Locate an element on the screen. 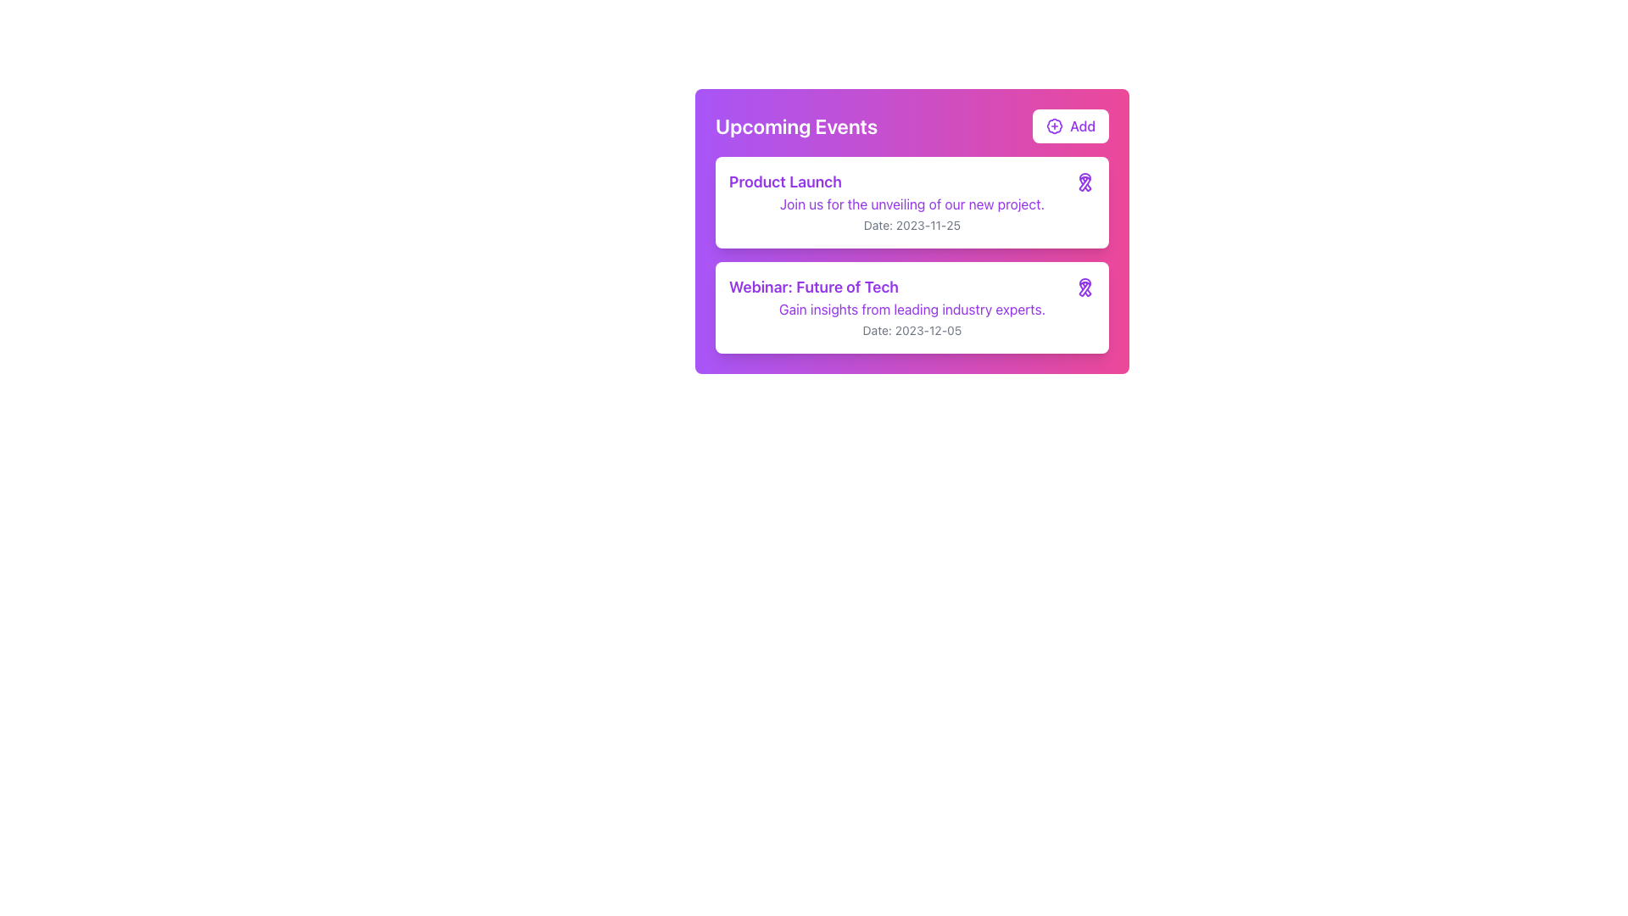 The image size is (1628, 916). the decorative ribbon-shaped icon in purple, which is part of the 'Product Launch' section is located at coordinates (1085, 182).